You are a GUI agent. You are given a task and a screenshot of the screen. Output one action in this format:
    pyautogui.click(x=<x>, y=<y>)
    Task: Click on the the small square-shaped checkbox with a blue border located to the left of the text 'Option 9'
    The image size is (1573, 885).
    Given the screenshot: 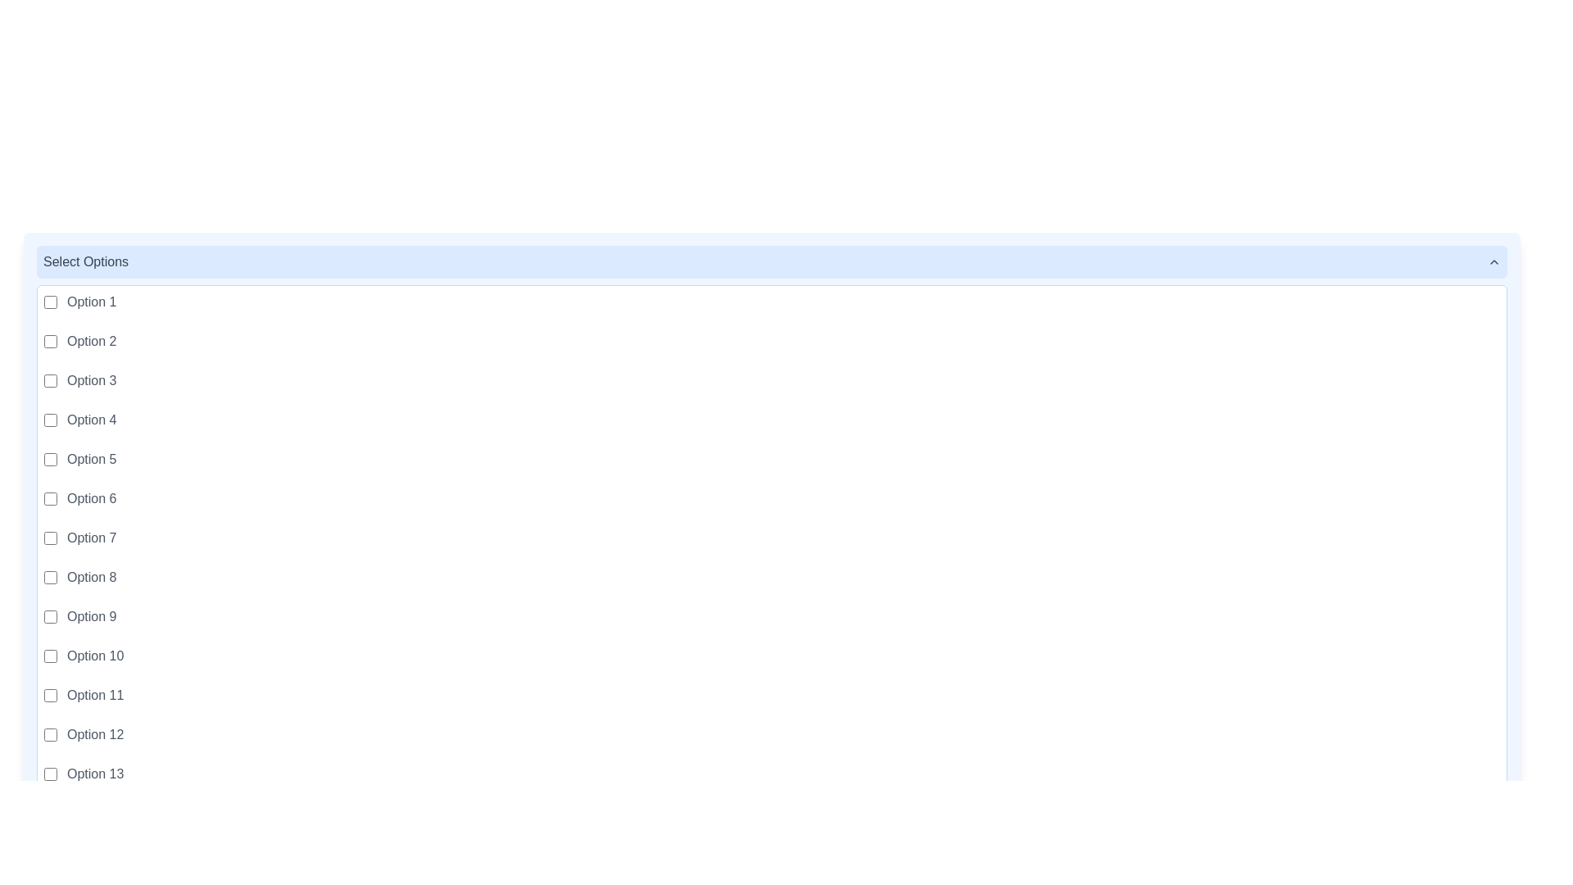 What is the action you would take?
    pyautogui.click(x=51, y=616)
    